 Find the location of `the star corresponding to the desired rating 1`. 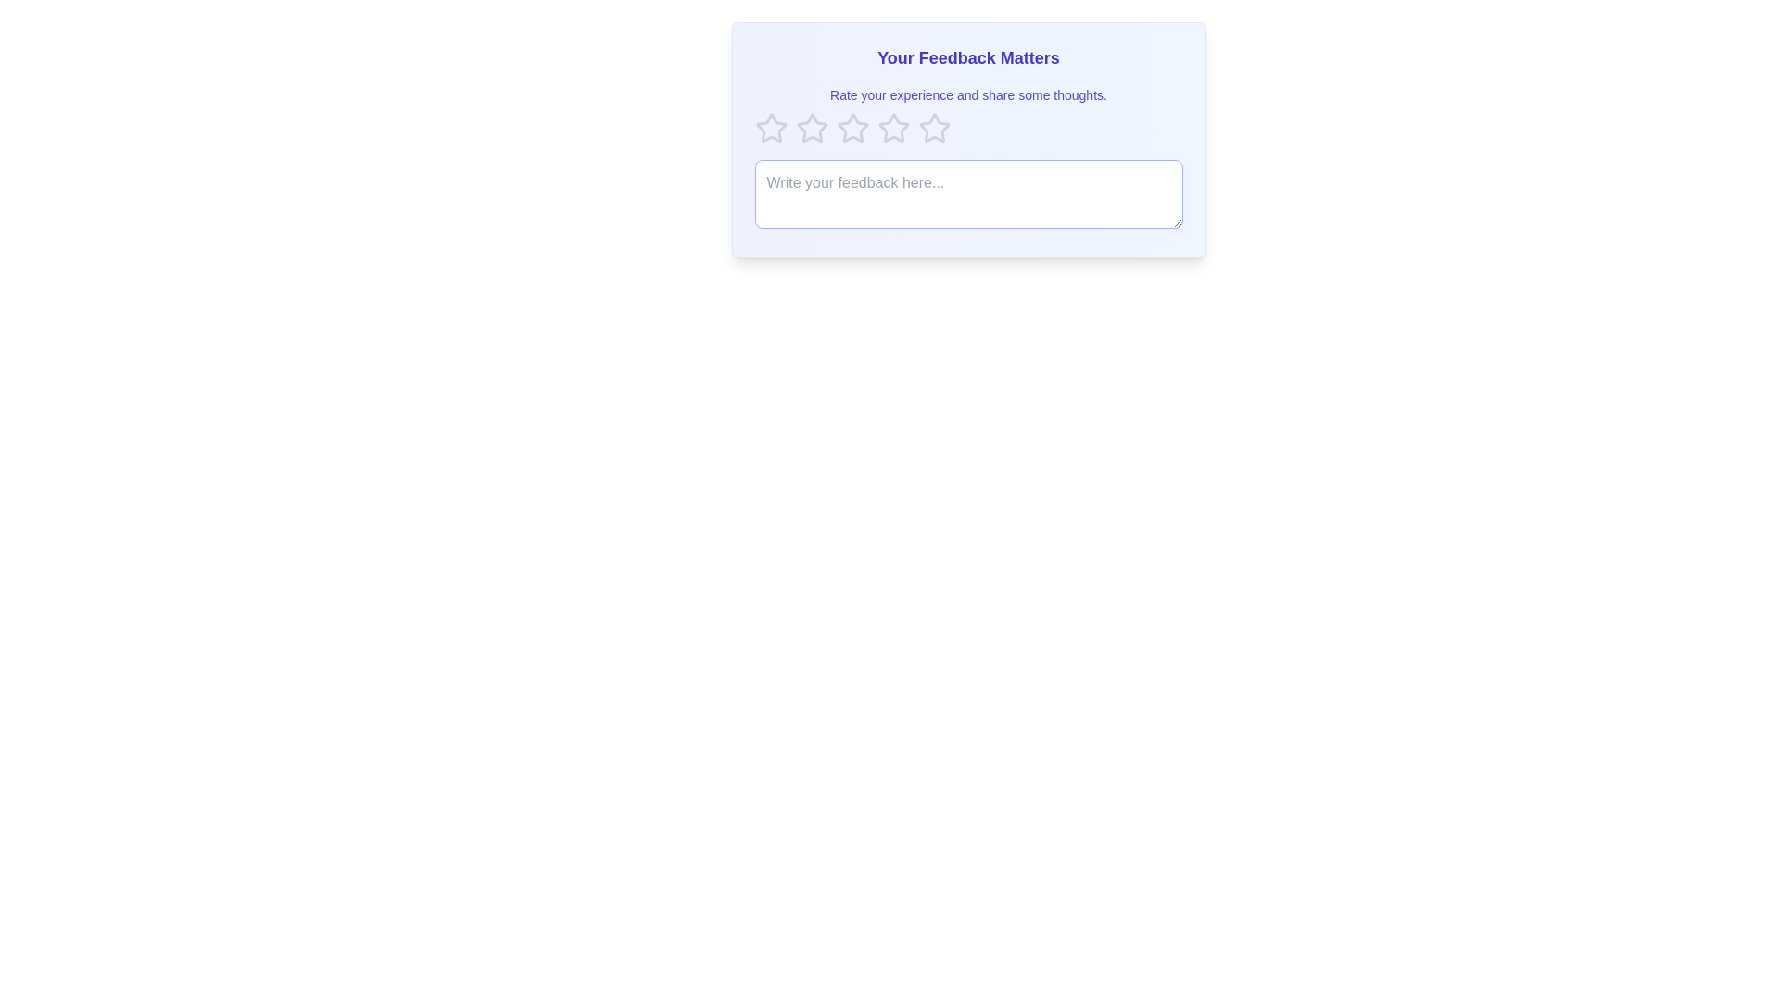

the star corresponding to the desired rating 1 is located at coordinates (771, 127).